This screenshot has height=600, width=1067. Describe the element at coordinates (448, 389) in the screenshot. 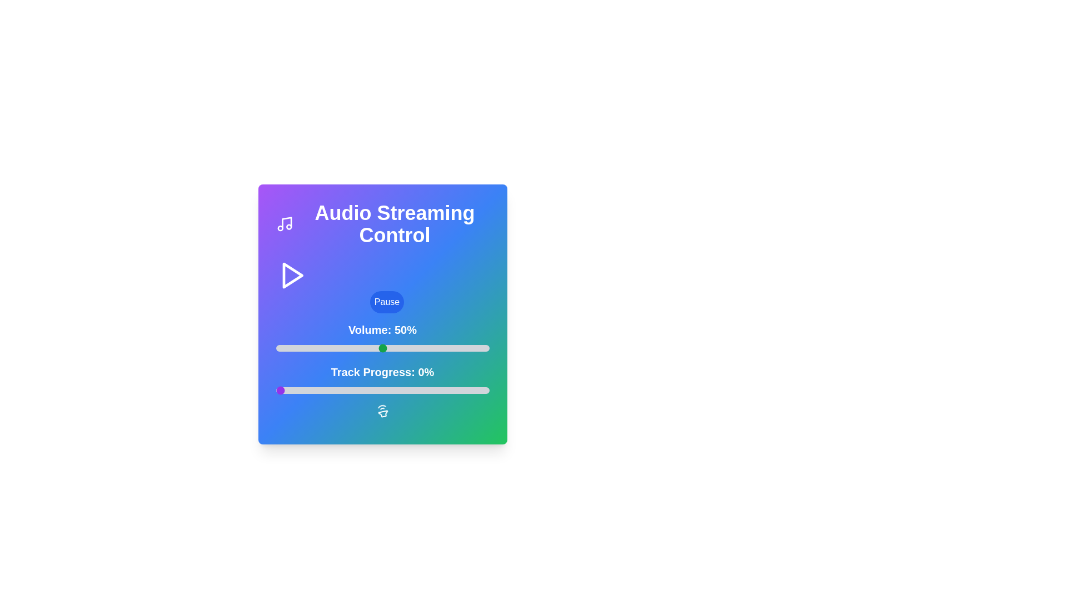

I see `the track progress to 81% by interacting with the slider` at that location.